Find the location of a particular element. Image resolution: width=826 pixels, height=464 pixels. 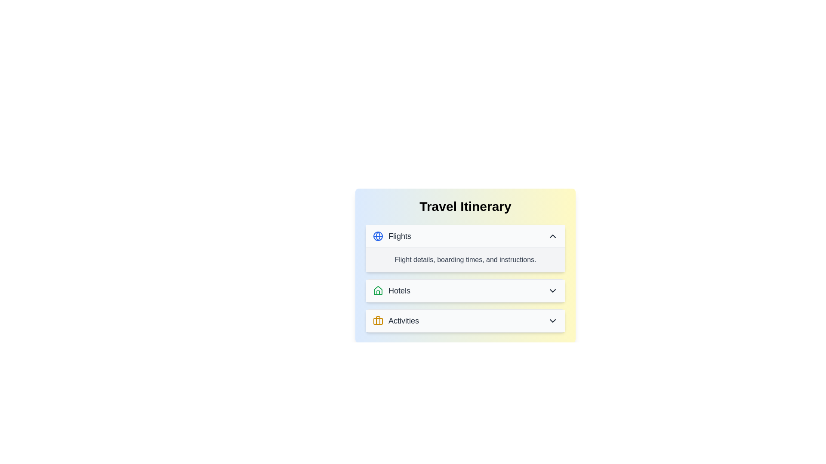

the Icon Button located at the right end of the 'Activities' section is located at coordinates (553, 321).